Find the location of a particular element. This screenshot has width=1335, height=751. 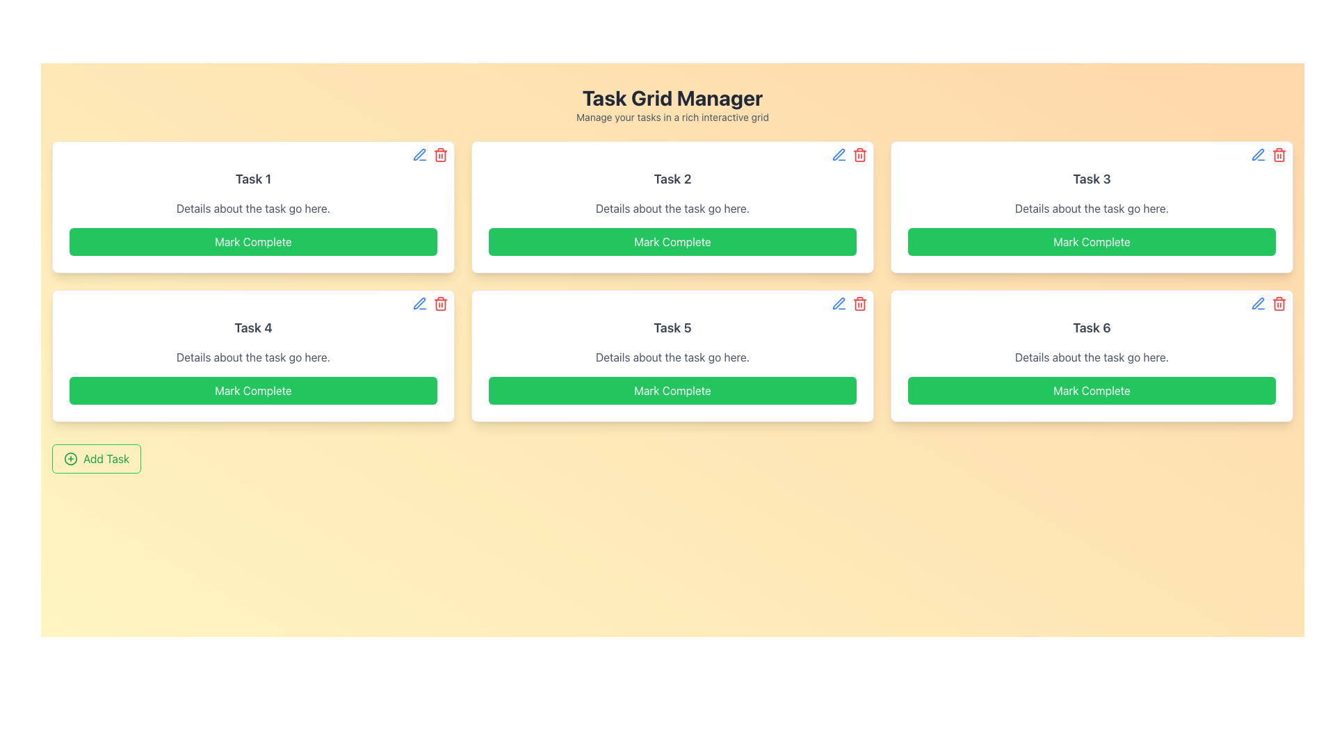

the button located at the bottom of the 'Task 2' card to mark the task as complete is located at coordinates (672, 241).